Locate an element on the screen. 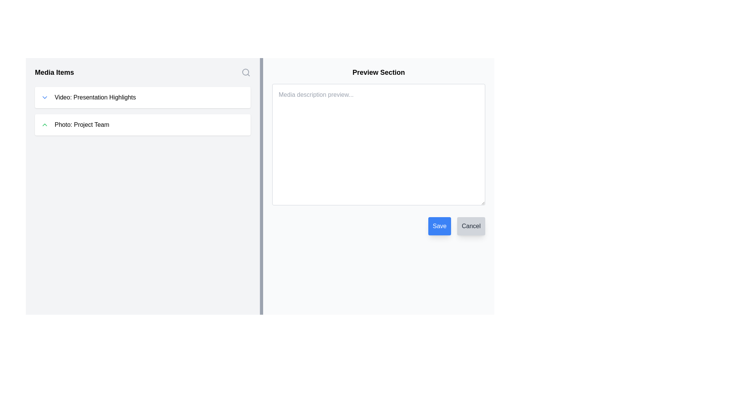 The image size is (729, 410). the small green upward-facing arrow icon (chevron-up) located in the middle-left side of the 'Photo: Project Team' section is located at coordinates (44, 124).